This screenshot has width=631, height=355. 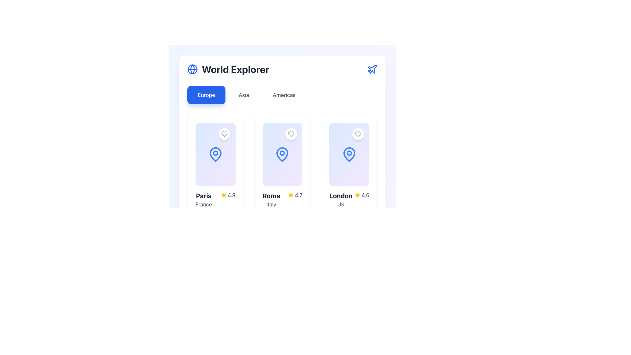 What do you see at coordinates (372, 69) in the screenshot?
I see `the airplane icon located in the top-right corner of the interface, next to the title 'World Explorer'` at bounding box center [372, 69].